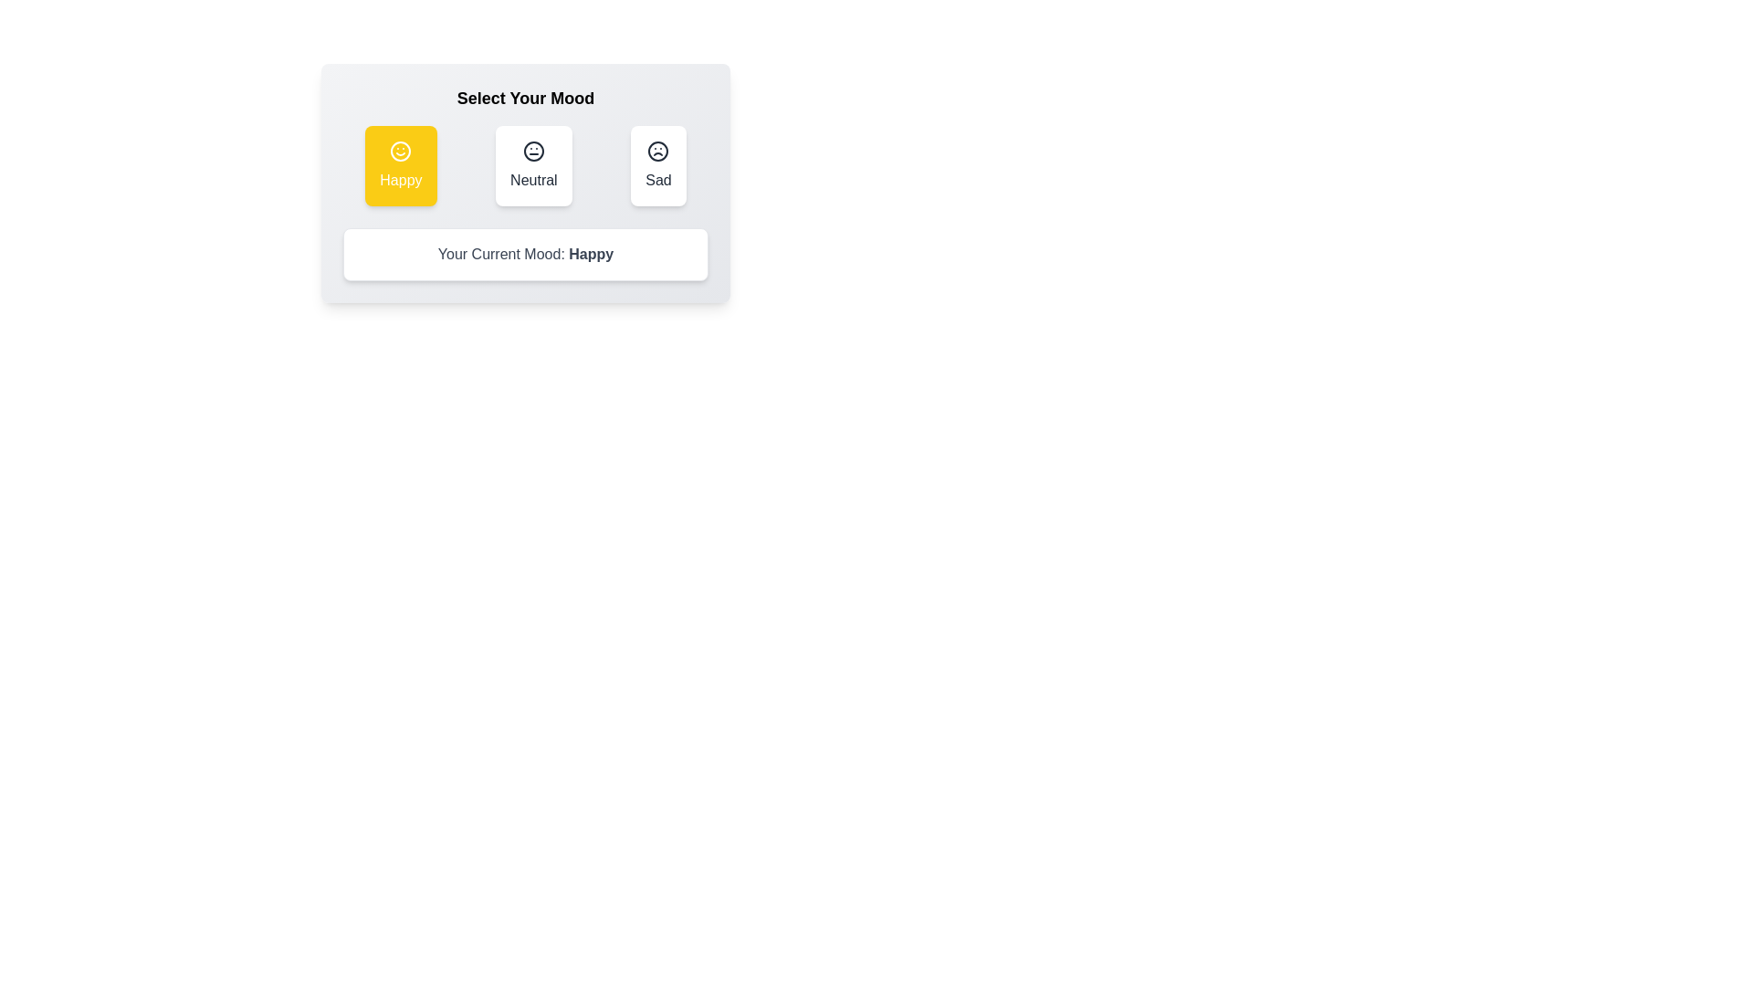 This screenshot has width=1753, height=986. Describe the element at coordinates (532, 165) in the screenshot. I see `the button corresponding to the mood Neutral` at that location.